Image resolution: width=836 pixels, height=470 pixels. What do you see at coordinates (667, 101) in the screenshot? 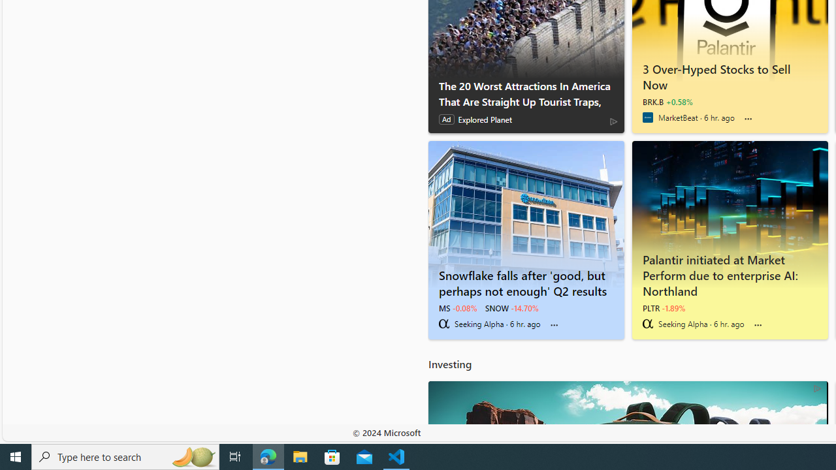
I see `'BRK.B +0.58%'` at bounding box center [667, 101].